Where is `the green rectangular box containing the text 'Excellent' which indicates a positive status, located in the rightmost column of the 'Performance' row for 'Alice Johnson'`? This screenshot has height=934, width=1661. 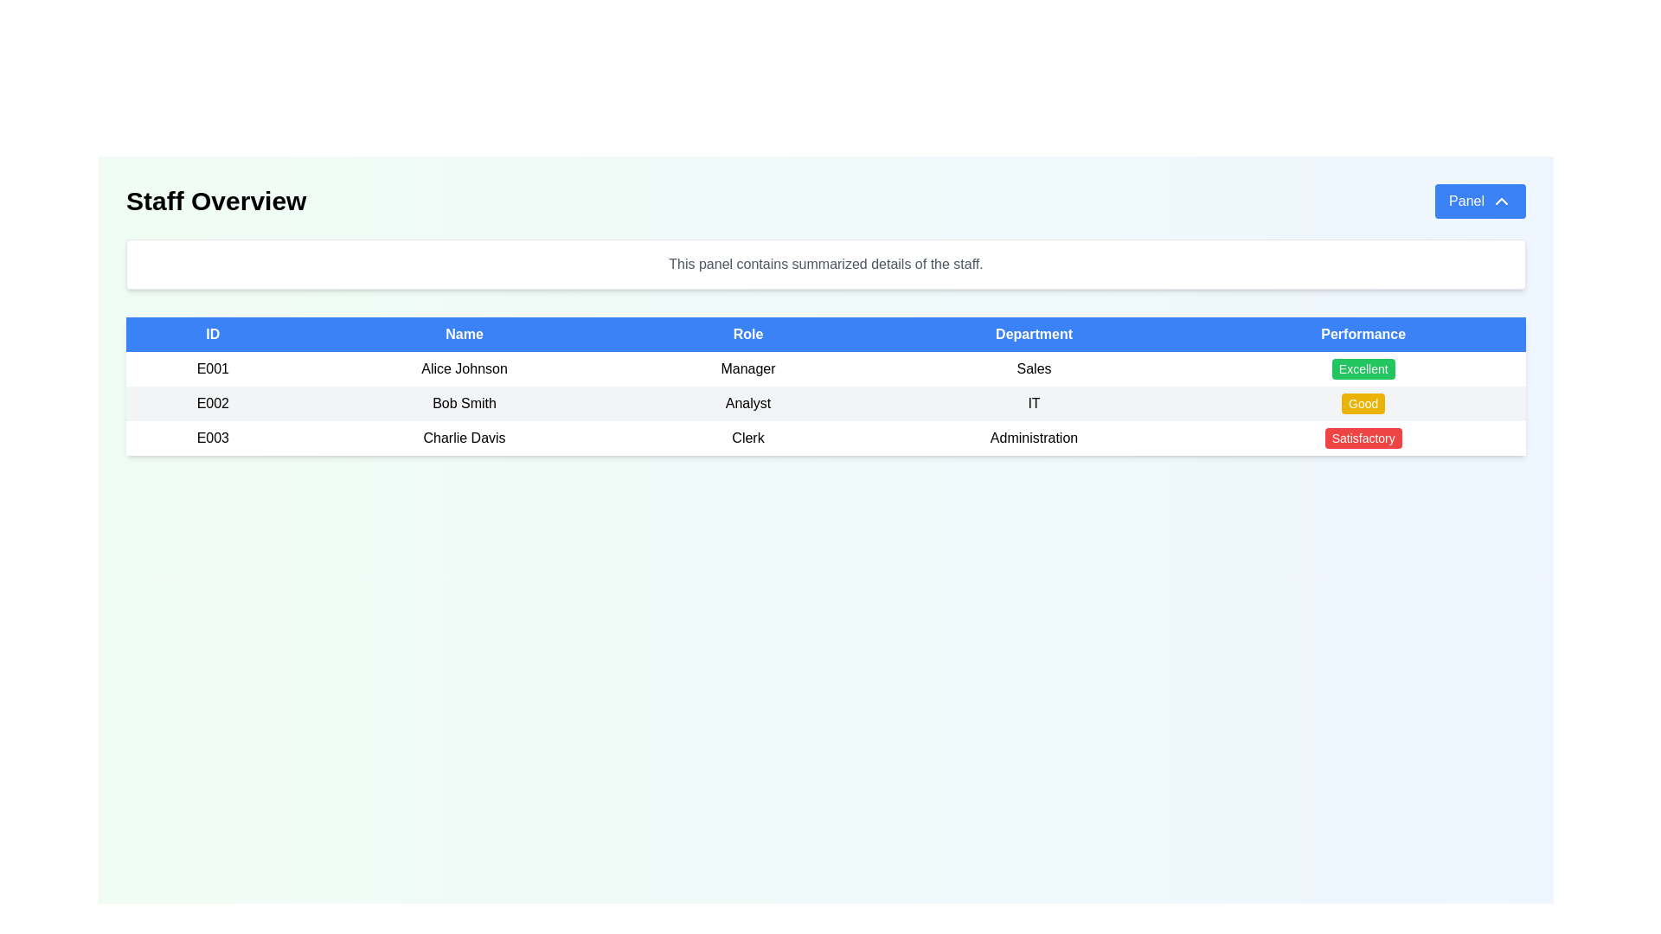 the green rectangular box containing the text 'Excellent' which indicates a positive status, located in the rightmost column of the 'Performance' row for 'Alice Johnson' is located at coordinates (1363, 368).